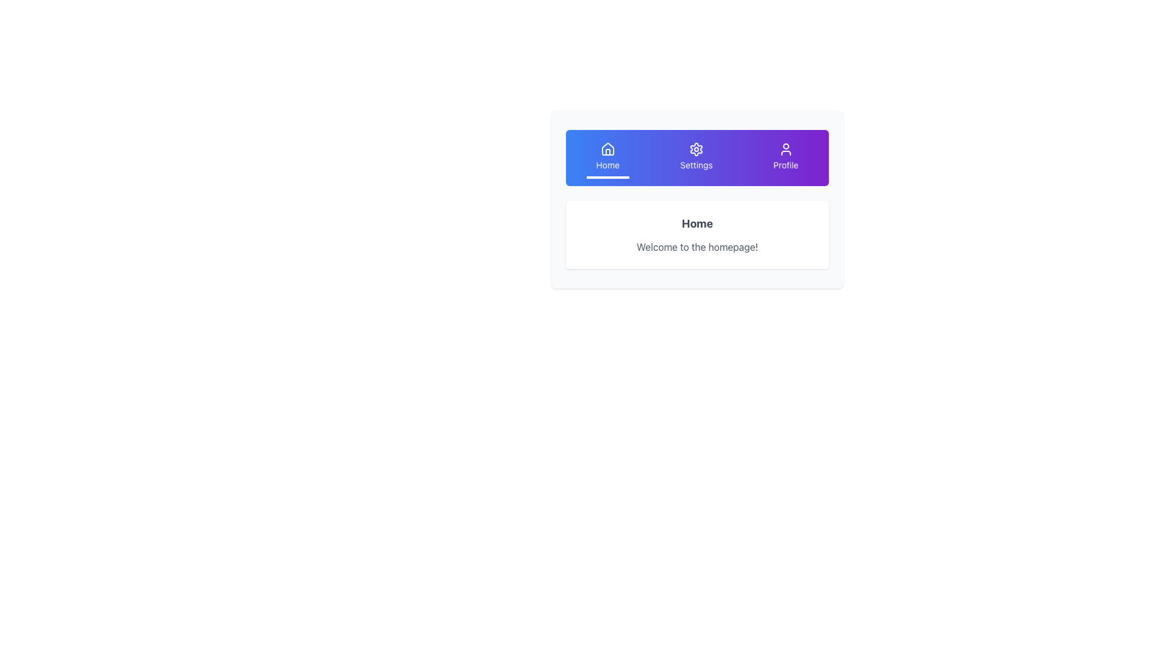 The height and width of the screenshot is (659, 1171). What do you see at coordinates (786, 157) in the screenshot?
I see `the 'Profile' button, which is a vertically stacked combination of a user icon and the text label 'Profile', located on the rightmost side of the gradient navigation bar` at bounding box center [786, 157].